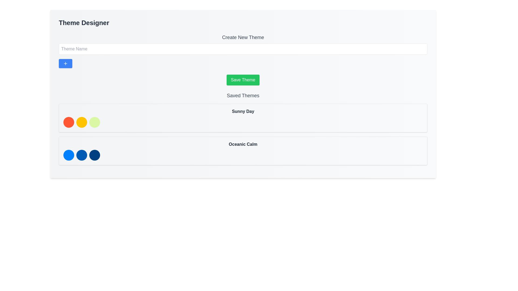 The width and height of the screenshot is (518, 291). Describe the element at coordinates (94, 122) in the screenshot. I see `the third circle representing a selectable color option for the 'Sunny Day' theme under 'Saved Themes'` at that location.